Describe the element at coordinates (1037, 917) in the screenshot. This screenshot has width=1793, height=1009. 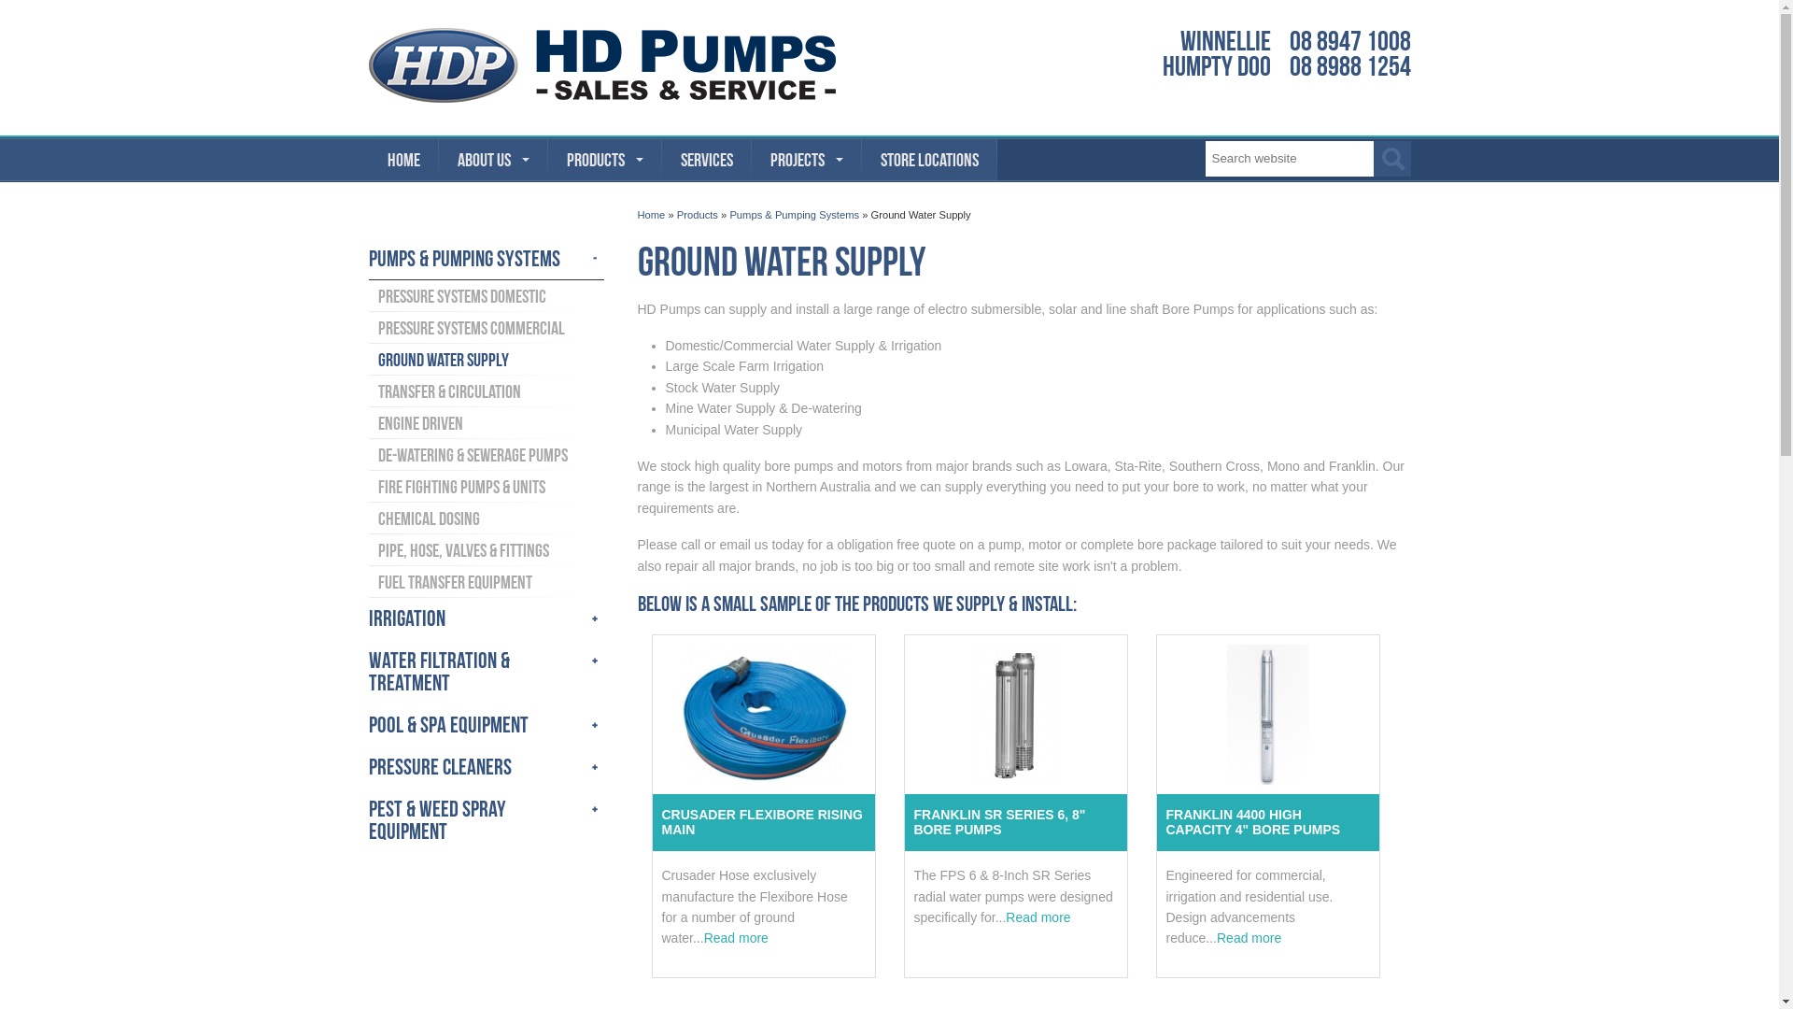
I see `'Read more'` at that location.